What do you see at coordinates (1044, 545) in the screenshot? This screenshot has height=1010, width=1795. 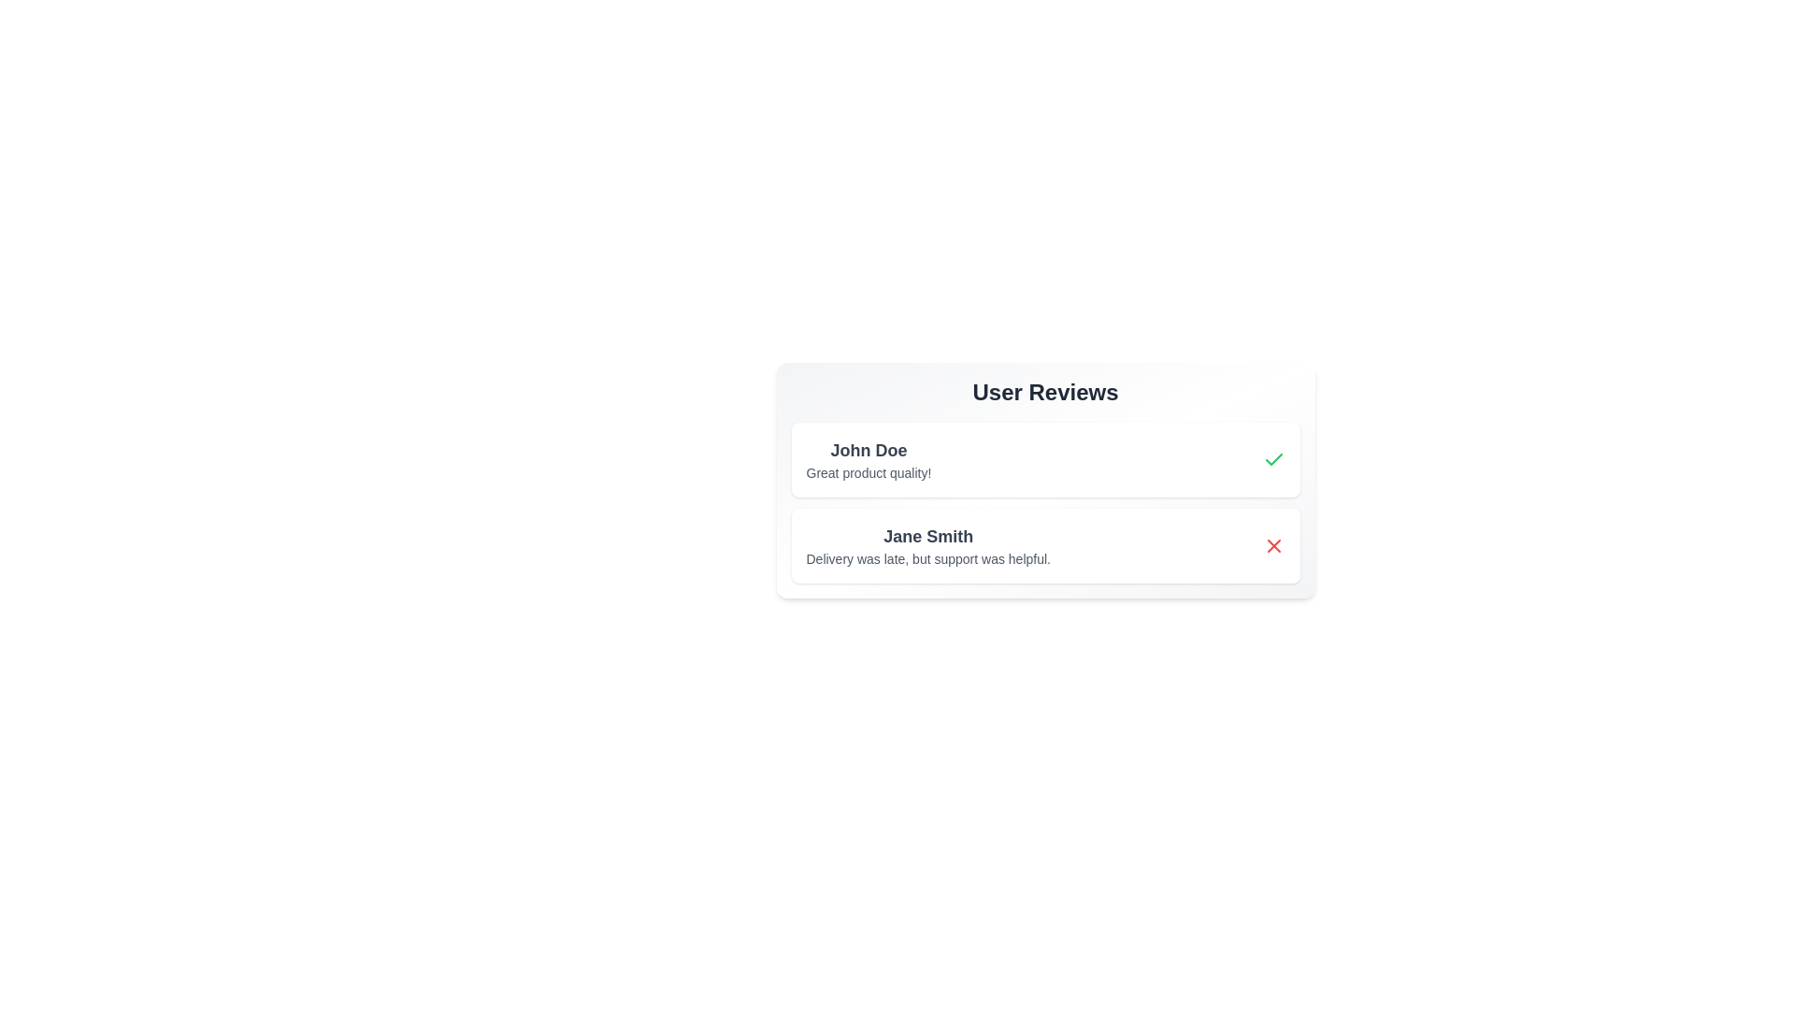 I see `user review displayed on the second review card in the 'User Reviews' section, located below the first review card titled 'John DoeGreat product quality!'` at bounding box center [1044, 545].